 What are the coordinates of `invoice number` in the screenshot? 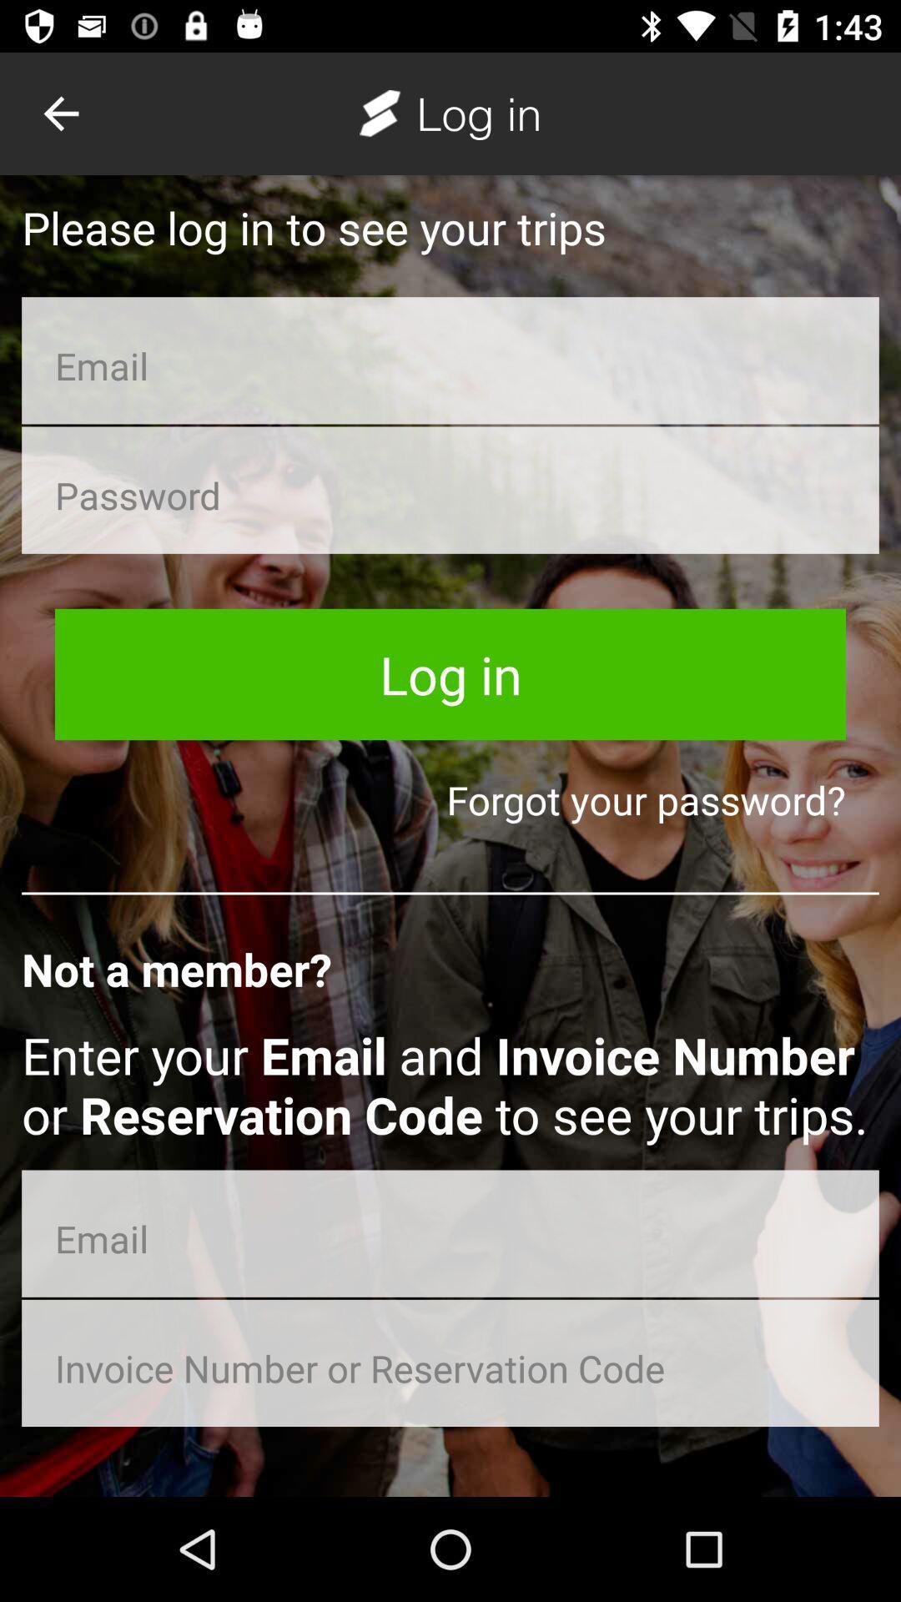 It's located at (450, 1363).